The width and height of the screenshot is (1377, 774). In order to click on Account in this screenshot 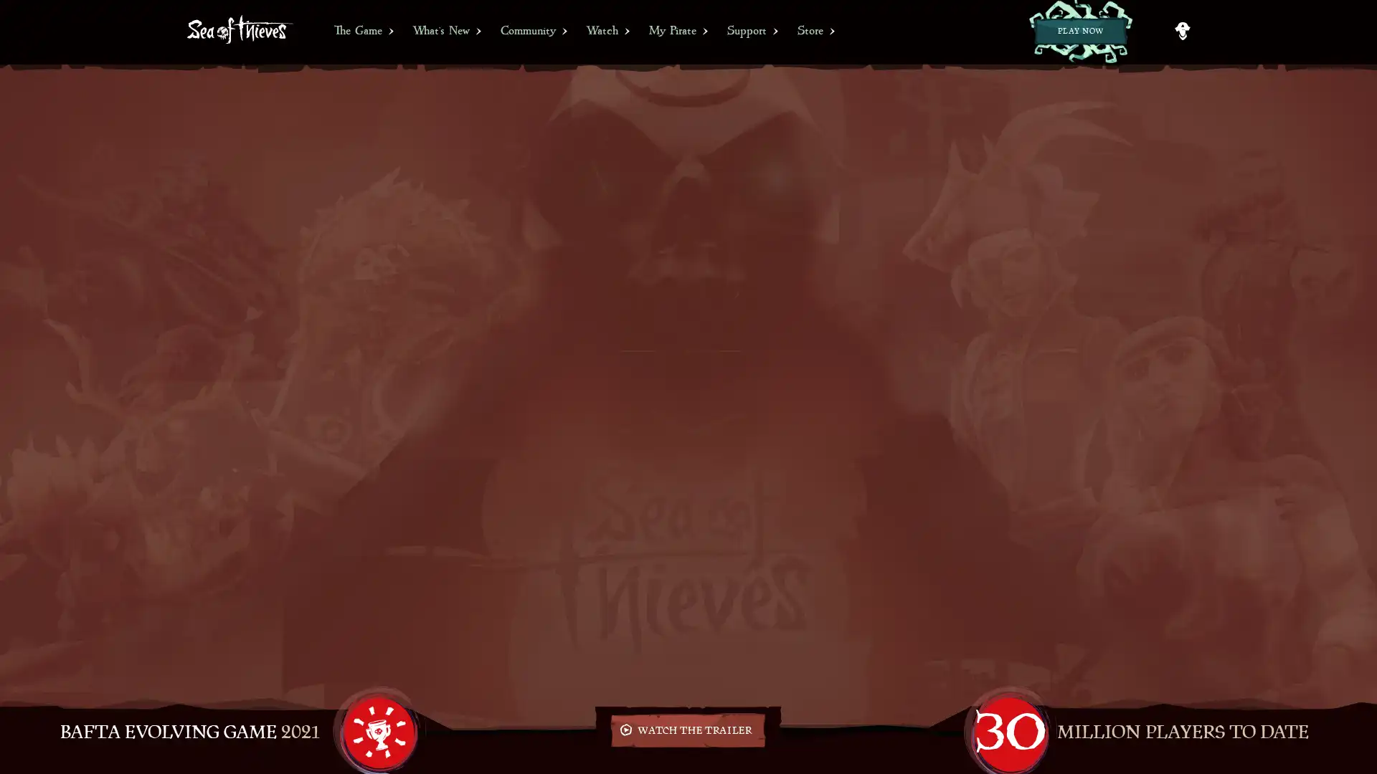, I will do `click(1182, 31)`.